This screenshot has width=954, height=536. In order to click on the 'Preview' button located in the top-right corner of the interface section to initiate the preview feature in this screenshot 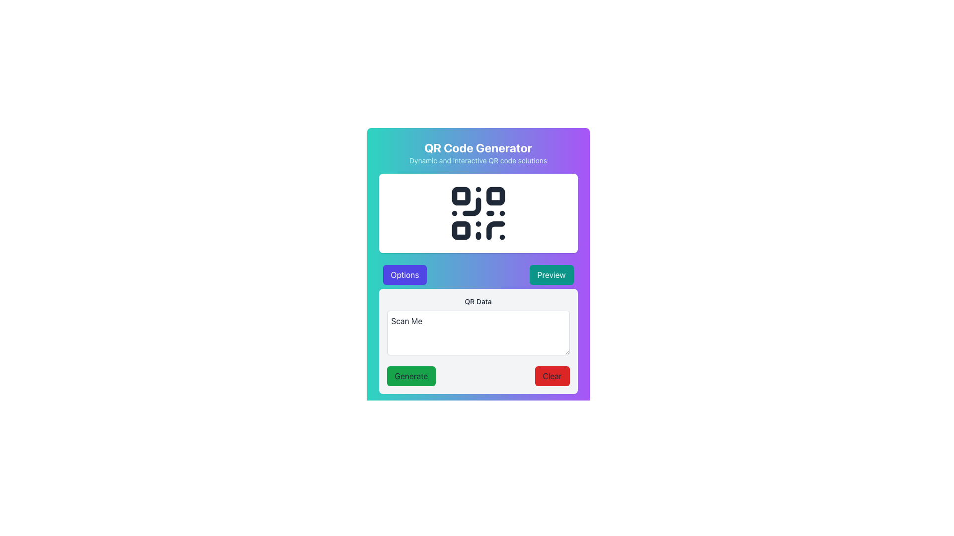, I will do `click(551, 275)`.